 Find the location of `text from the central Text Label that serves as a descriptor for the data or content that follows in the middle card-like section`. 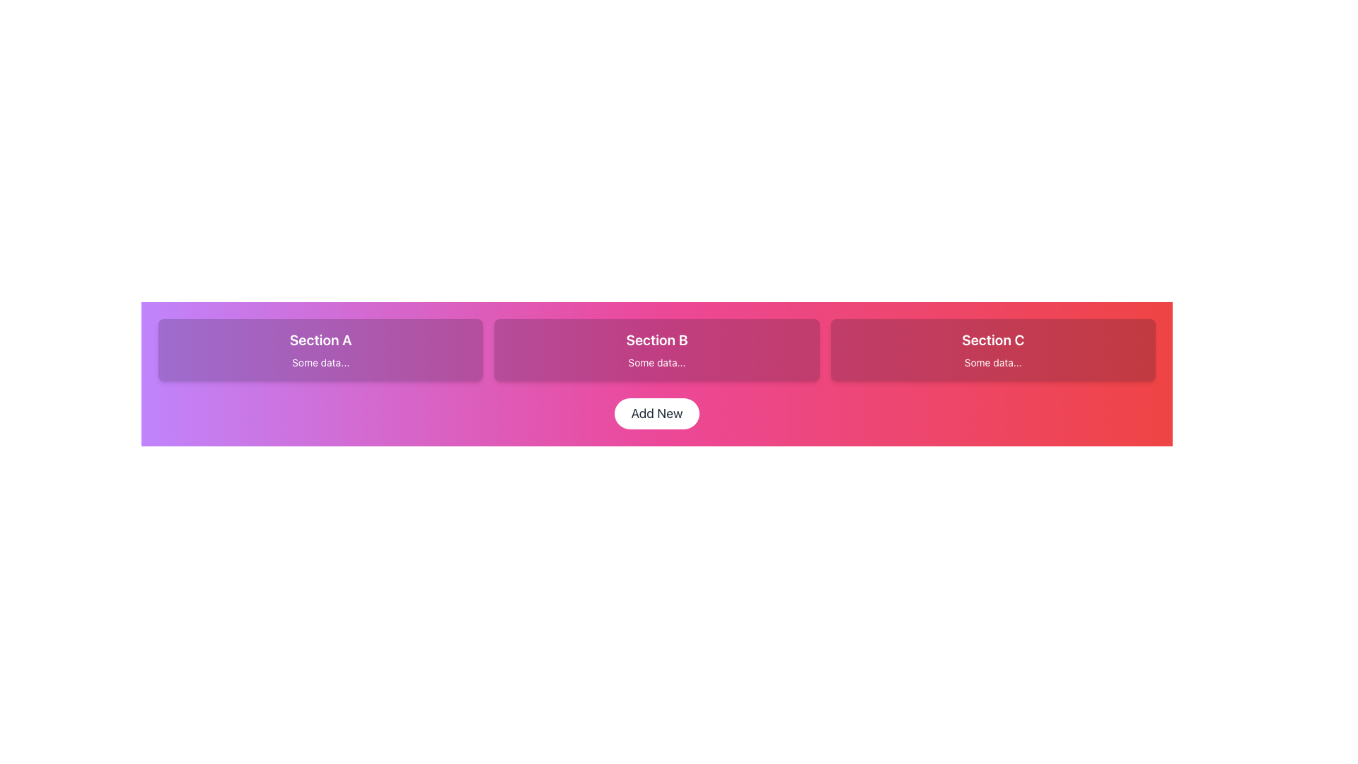

text from the central Text Label that serves as a descriptor for the data or content that follows in the middle card-like section is located at coordinates (656, 340).